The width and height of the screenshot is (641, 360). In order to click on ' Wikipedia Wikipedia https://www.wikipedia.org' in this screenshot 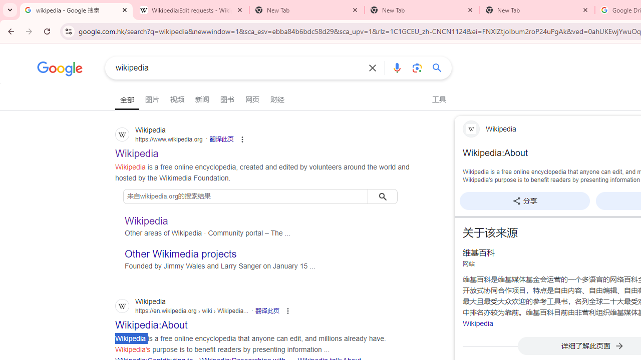, I will do `click(136, 150)`.